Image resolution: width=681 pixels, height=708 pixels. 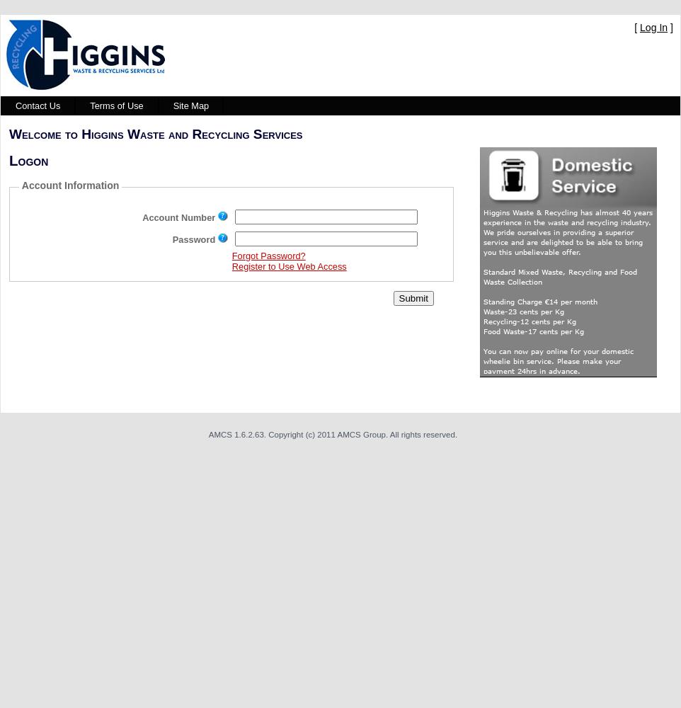 What do you see at coordinates (287, 265) in the screenshot?
I see `'Register to Use Web Access'` at bounding box center [287, 265].